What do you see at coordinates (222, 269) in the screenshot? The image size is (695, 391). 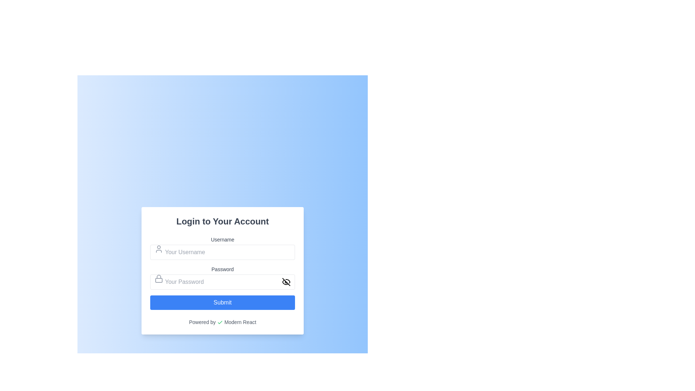 I see `the 'Password' label, which is a small gray text label positioned above the password input field in the login form` at bounding box center [222, 269].